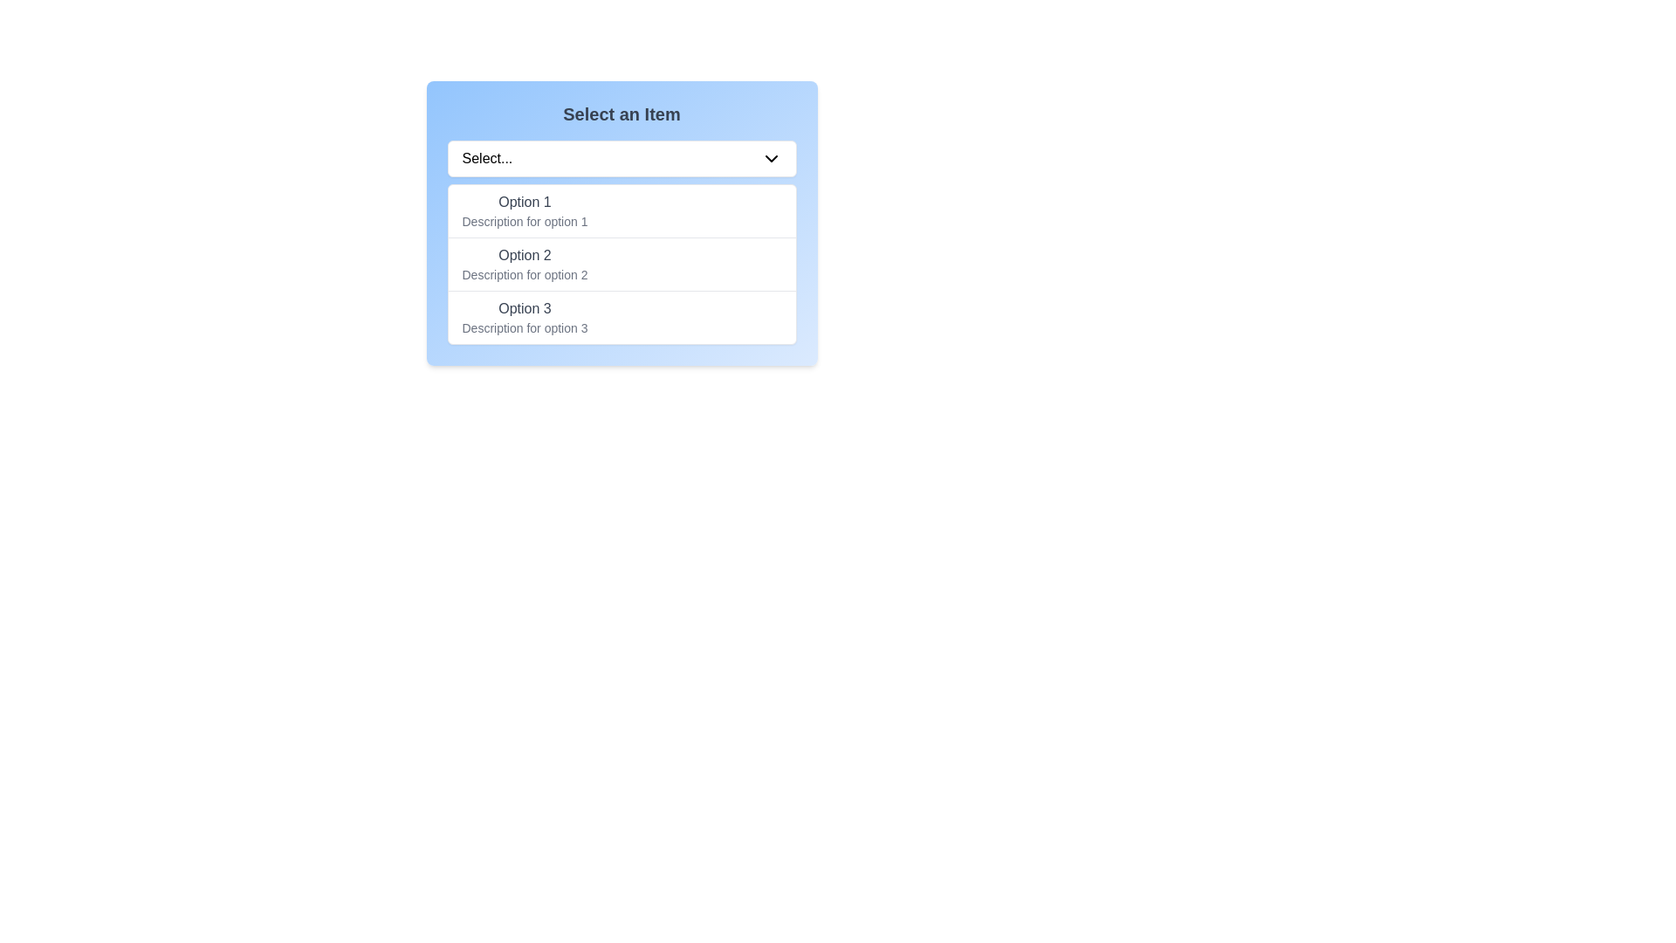 The height and width of the screenshot is (943, 1676). I want to click on the descriptive text element located below 'Option 2' in the dropdown menu, which provides additional information about this option, so click(524, 275).